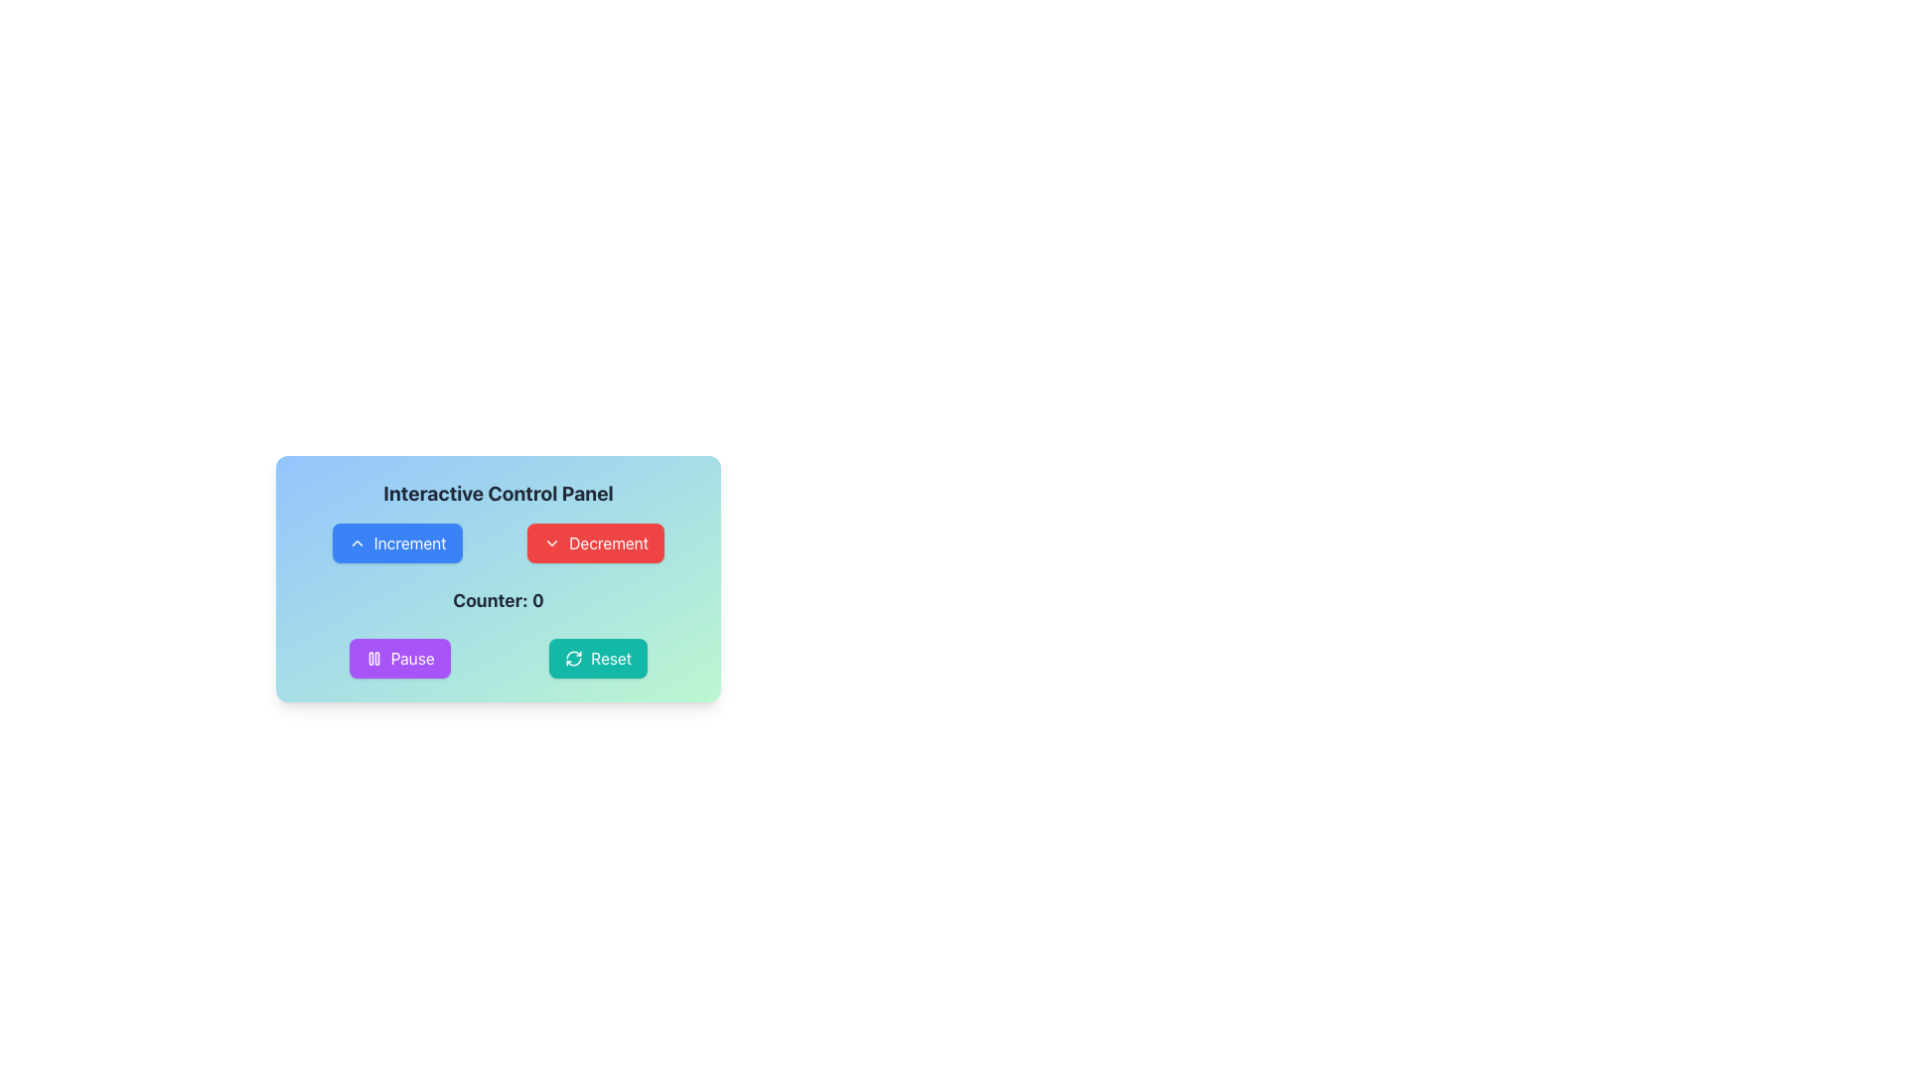 The width and height of the screenshot is (1907, 1073). Describe the element at coordinates (398, 659) in the screenshot. I see `the 'Pause' button with a purple background and white text, located to the left of the 'Reset' button` at that location.